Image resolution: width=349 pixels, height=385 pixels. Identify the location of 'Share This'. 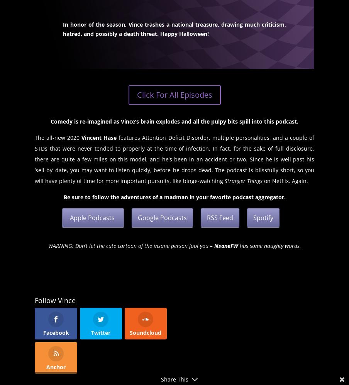
(161, 379).